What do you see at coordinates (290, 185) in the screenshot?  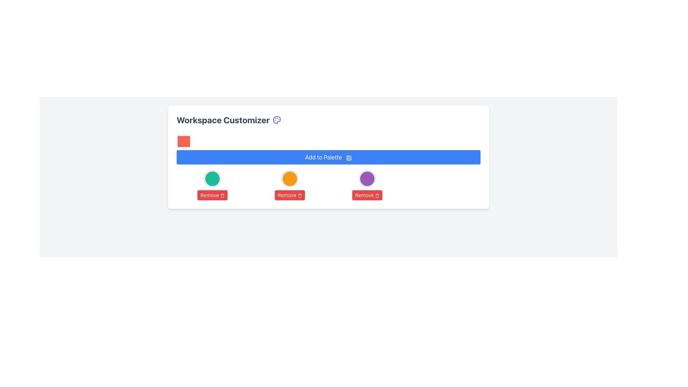 I see `the 'Remove' button with a red background and white text` at bounding box center [290, 185].